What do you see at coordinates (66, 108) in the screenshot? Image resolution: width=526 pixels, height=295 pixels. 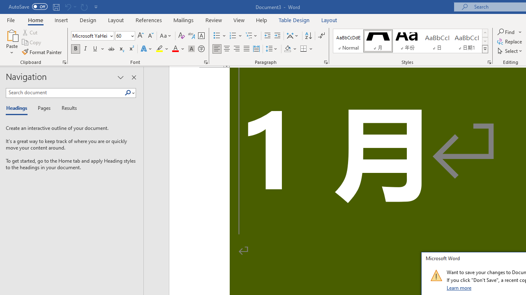 I see `'Results'` at bounding box center [66, 108].